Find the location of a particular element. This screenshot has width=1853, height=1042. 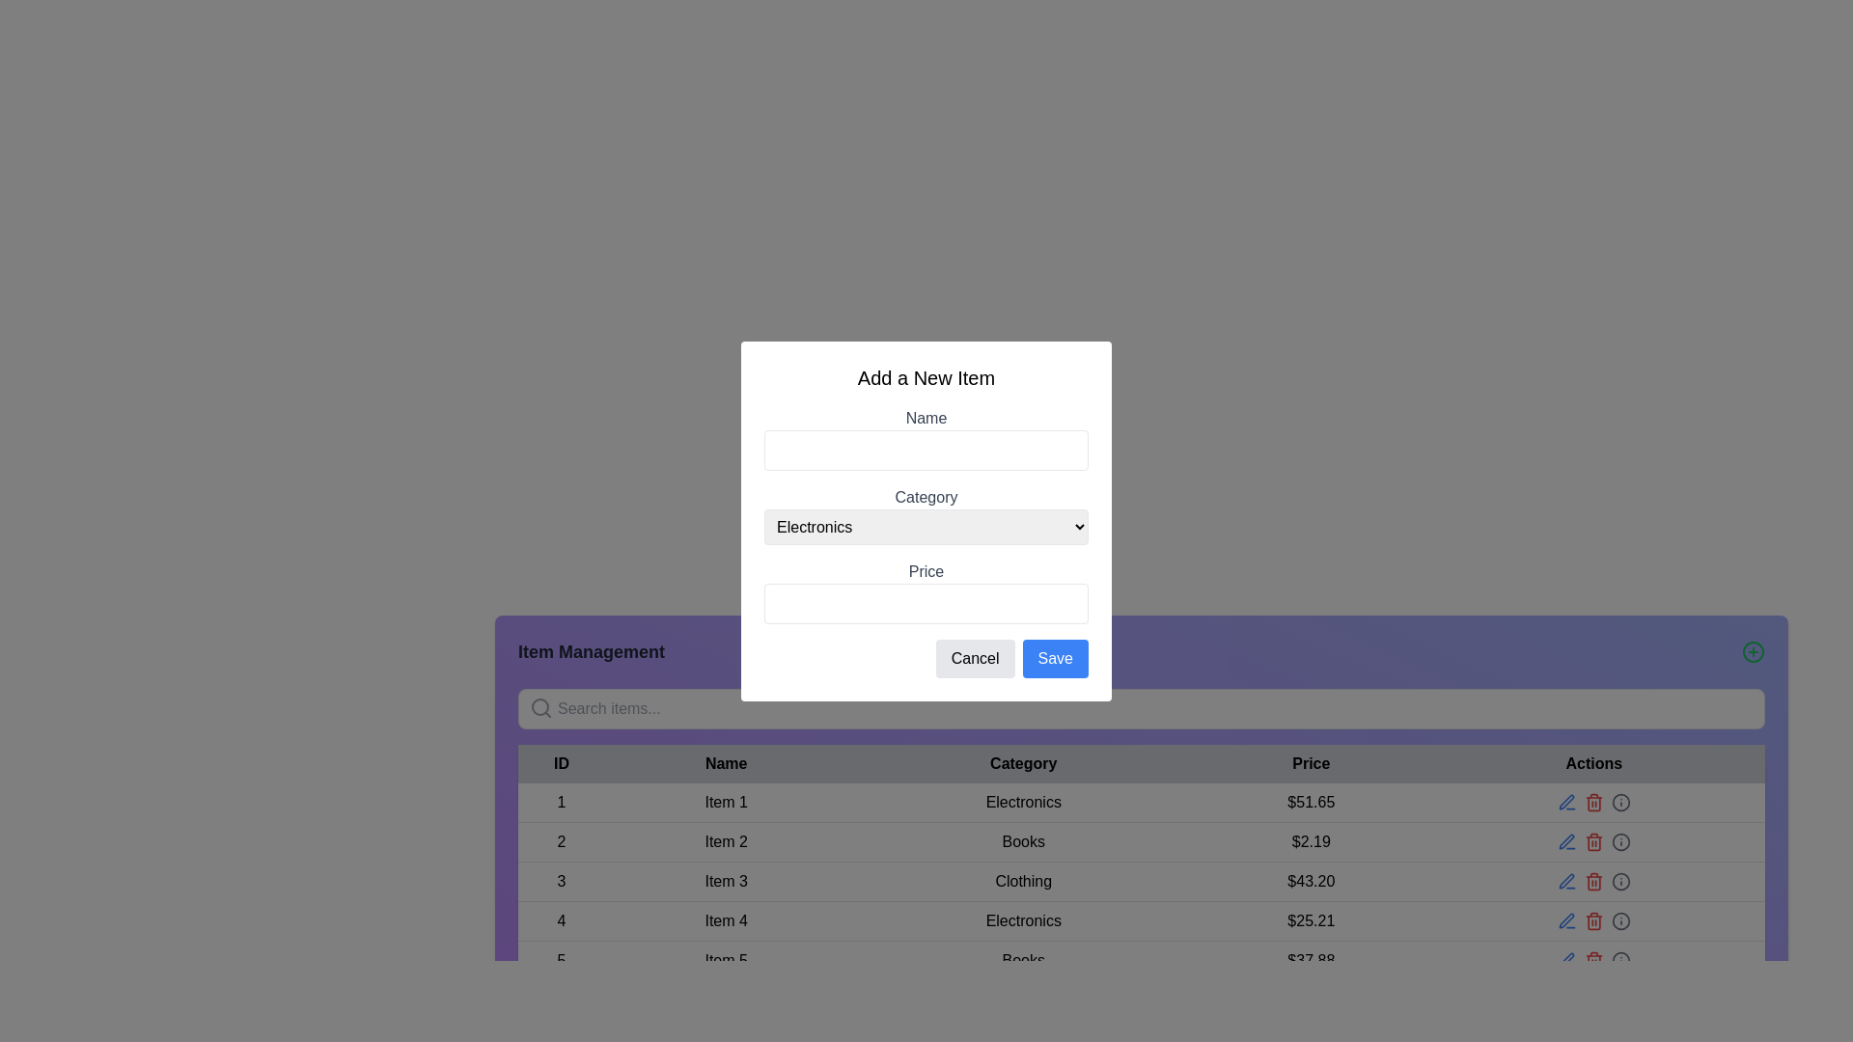

the 'Electronics' text label in the Category column of the table, which is adjacent to the 'Item 1' and '$51.65' labels is located at coordinates (1022, 803).